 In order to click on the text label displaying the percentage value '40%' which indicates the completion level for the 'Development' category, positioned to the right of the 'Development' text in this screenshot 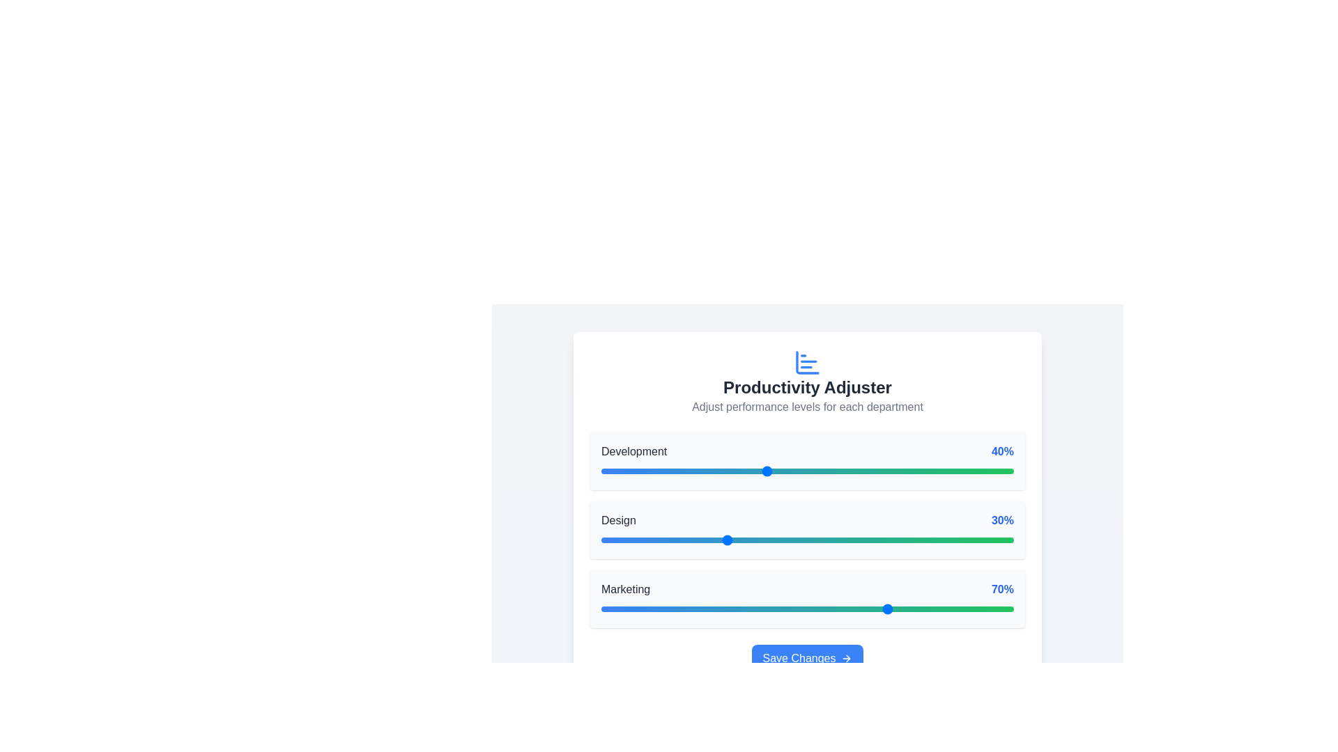, I will do `click(1002, 451)`.